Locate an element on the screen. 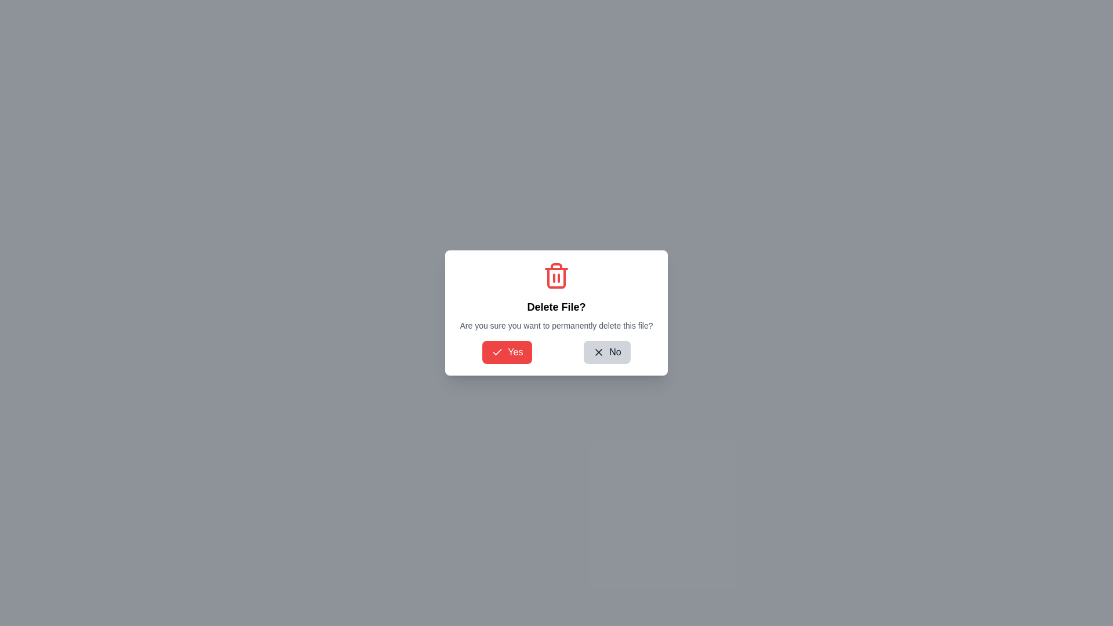 The height and width of the screenshot is (626, 1113). the checkmark icon with a red background that is positioned to the left of the 'Yes' button in the lower left of the dialog box is located at coordinates (497, 352).